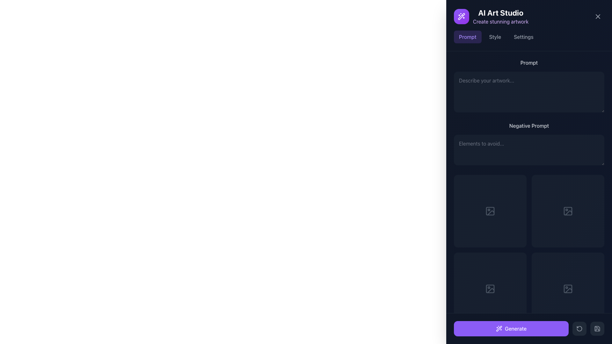  What do you see at coordinates (579, 329) in the screenshot?
I see `the control icon embedded in the button designed for initiating a counterclockwise rotation action, which is located at the bottom-right of the interface next to the 'Generate' button` at bounding box center [579, 329].